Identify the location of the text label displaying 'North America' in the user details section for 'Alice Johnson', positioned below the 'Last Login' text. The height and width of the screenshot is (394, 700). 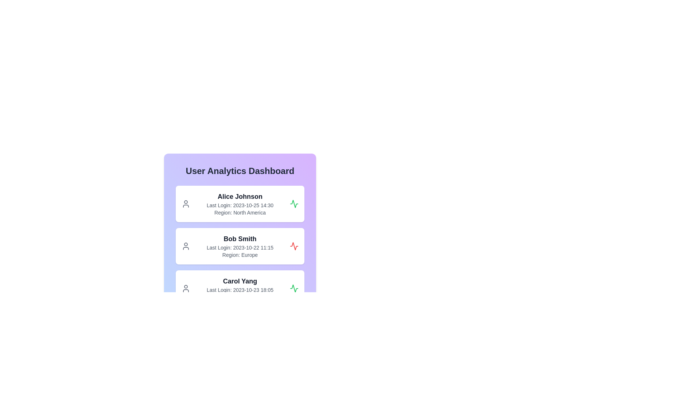
(240, 212).